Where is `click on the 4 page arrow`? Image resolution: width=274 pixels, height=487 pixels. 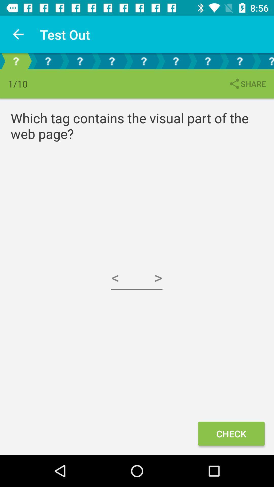
click on the 4 page arrow is located at coordinates (111, 61).